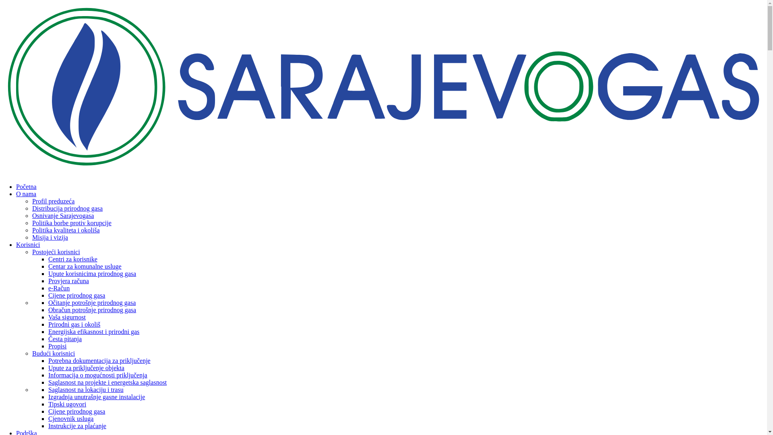 The image size is (773, 435). Describe the element at coordinates (85, 266) in the screenshot. I see `'Centar za komunalne usluge'` at that location.